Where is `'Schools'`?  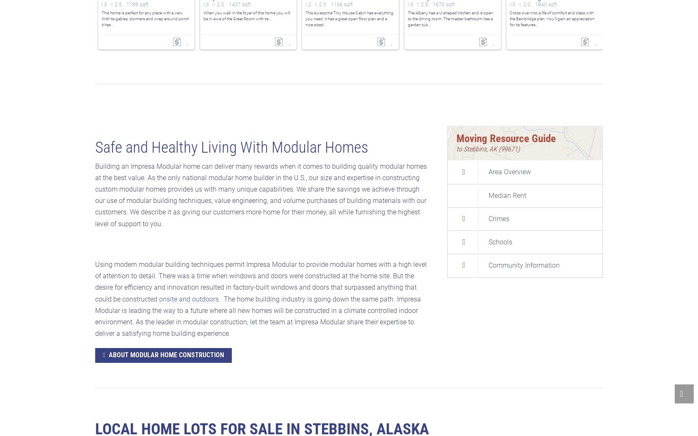 'Schools' is located at coordinates (500, 241).